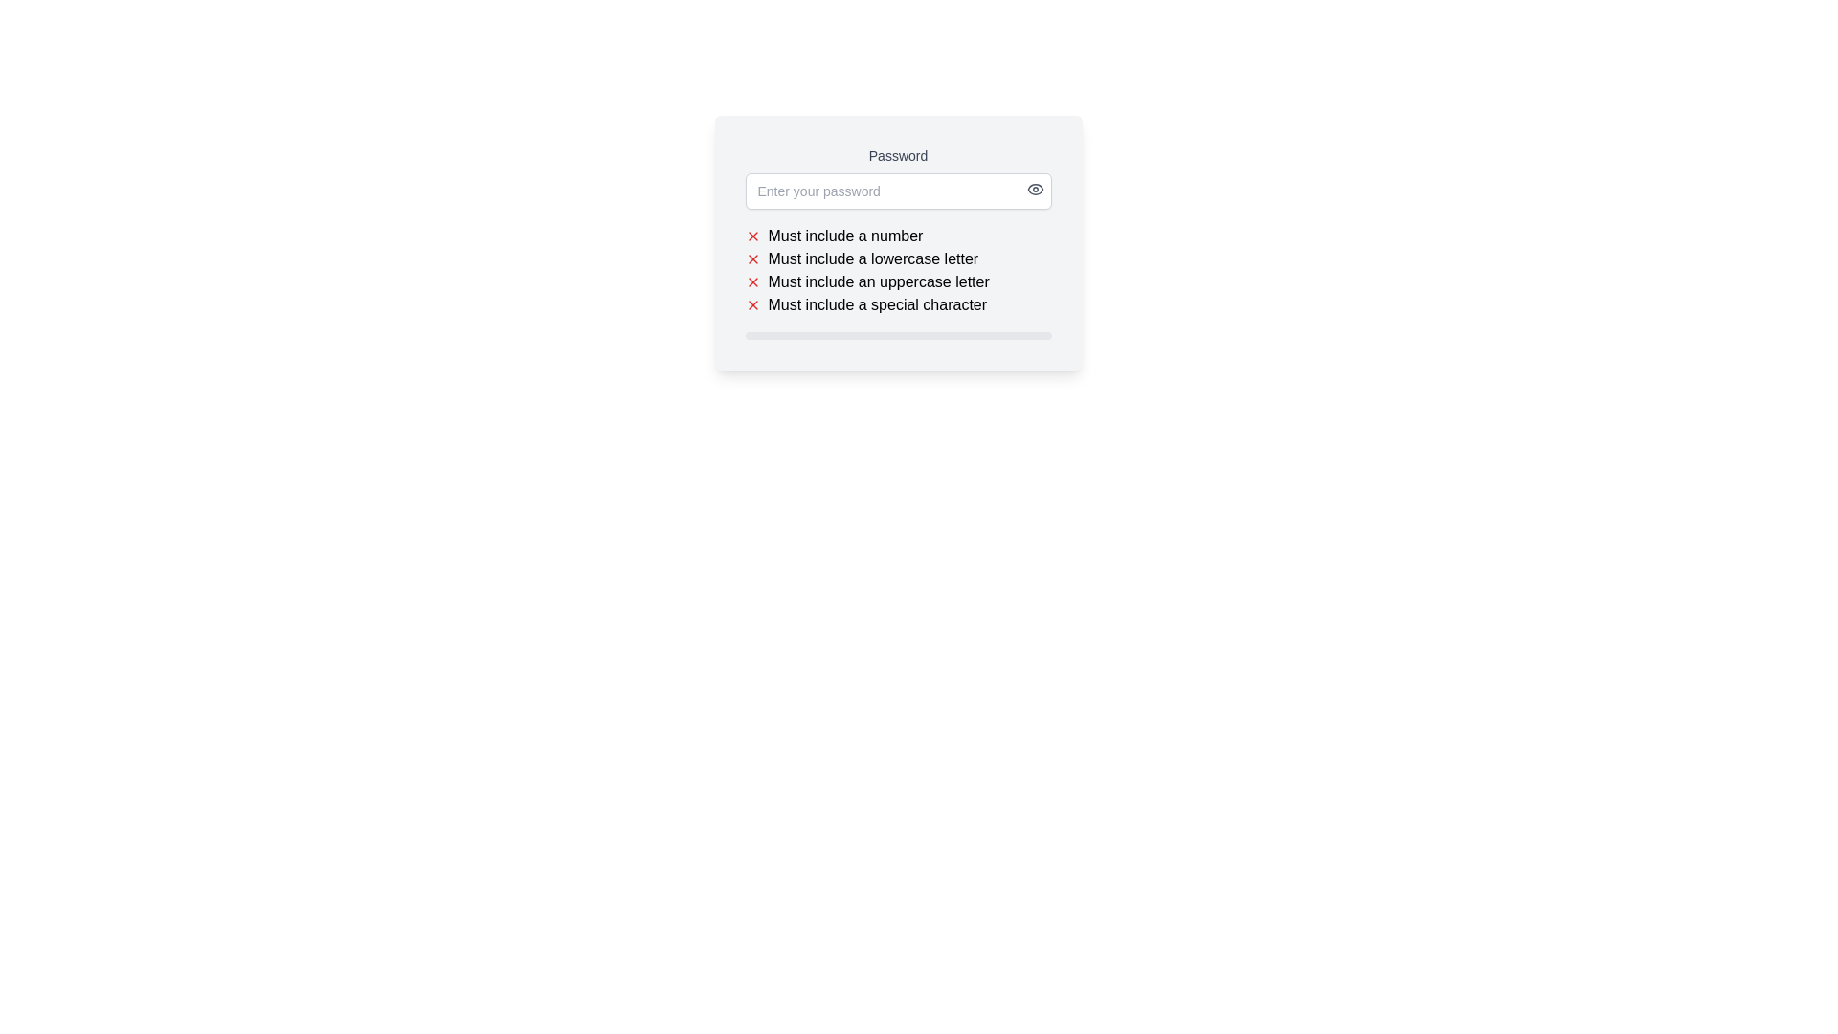 The width and height of the screenshot is (1838, 1034). I want to click on the validation message indicating that the password must include an uppercase letter, which is represented by a red 'X', so click(897, 281).